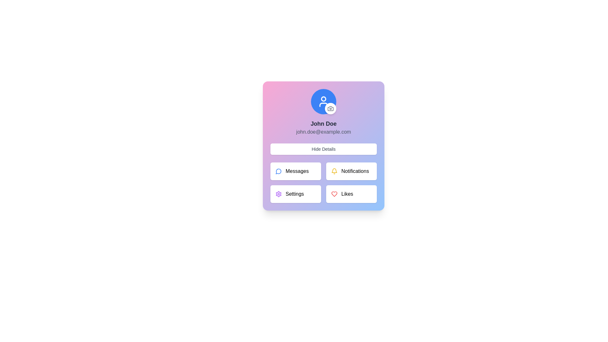 This screenshot has height=342, width=608. Describe the element at coordinates (324, 101) in the screenshot. I see `the interactive profile image component, which is a circular icon with a blue background containing a white user icon and a camera symbol overlay, located above the text 'John Doe' and 'john.doe@example.com'` at that location.